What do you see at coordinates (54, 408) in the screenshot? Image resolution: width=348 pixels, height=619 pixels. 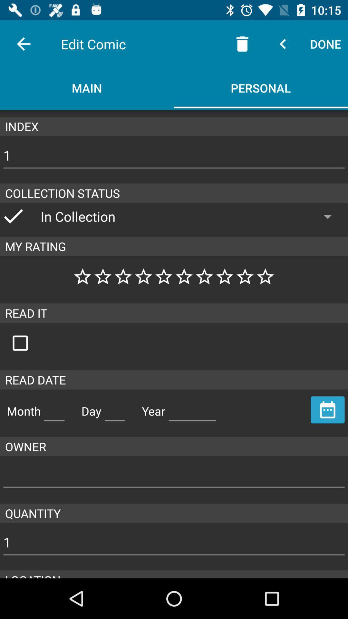 I see `month space` at bounding box center [54, 408].